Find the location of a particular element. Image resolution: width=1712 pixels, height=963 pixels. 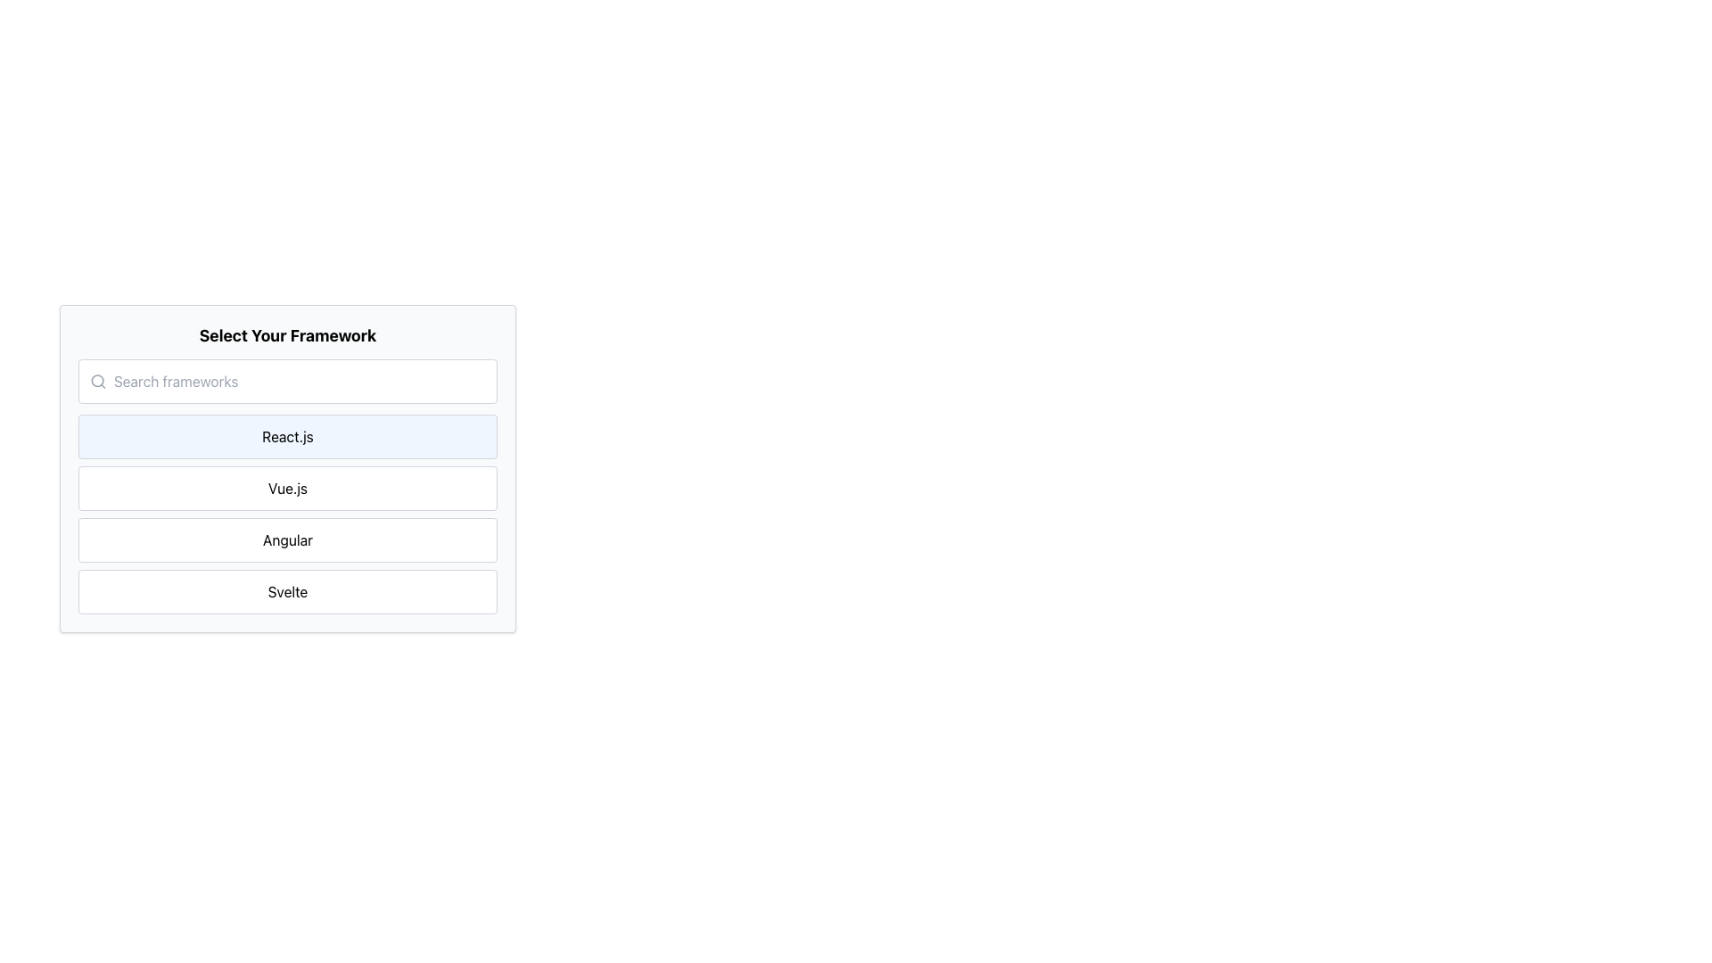

the 'Angular' button, which is the third option in the list of framework selections is located at coordinates (287, 539).